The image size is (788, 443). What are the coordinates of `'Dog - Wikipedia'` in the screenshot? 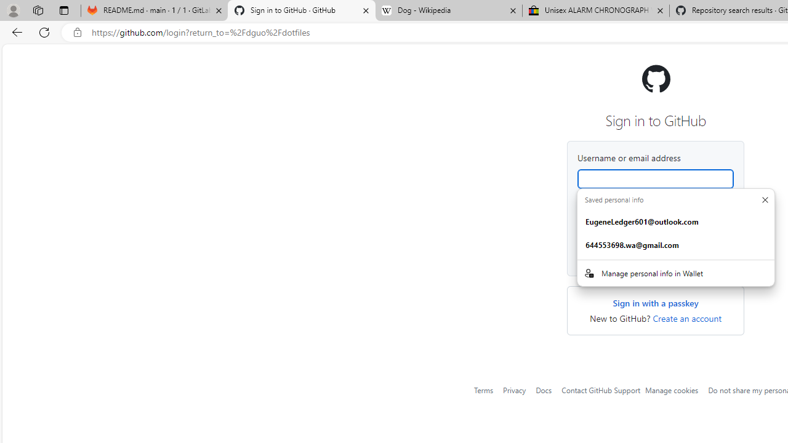 It's located at (448, 10).